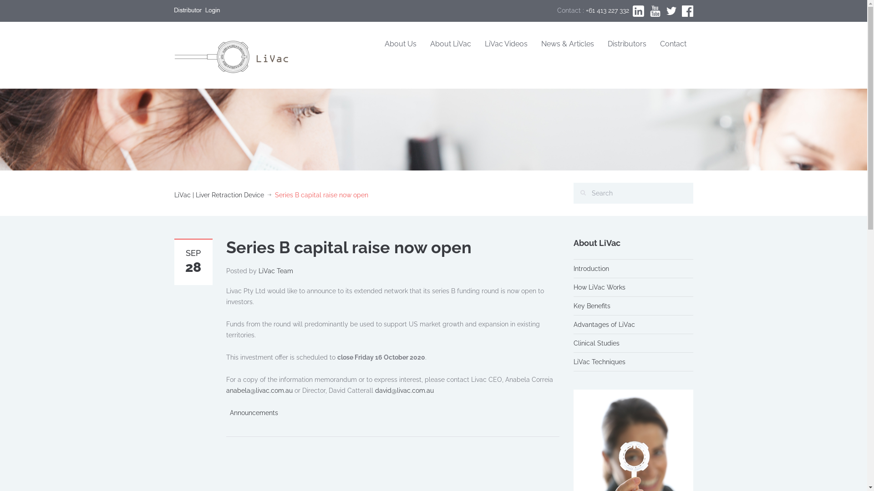 The width and height of the screenshot is (874, 491). I want to click on 'About LiVac', so click(450, 44).